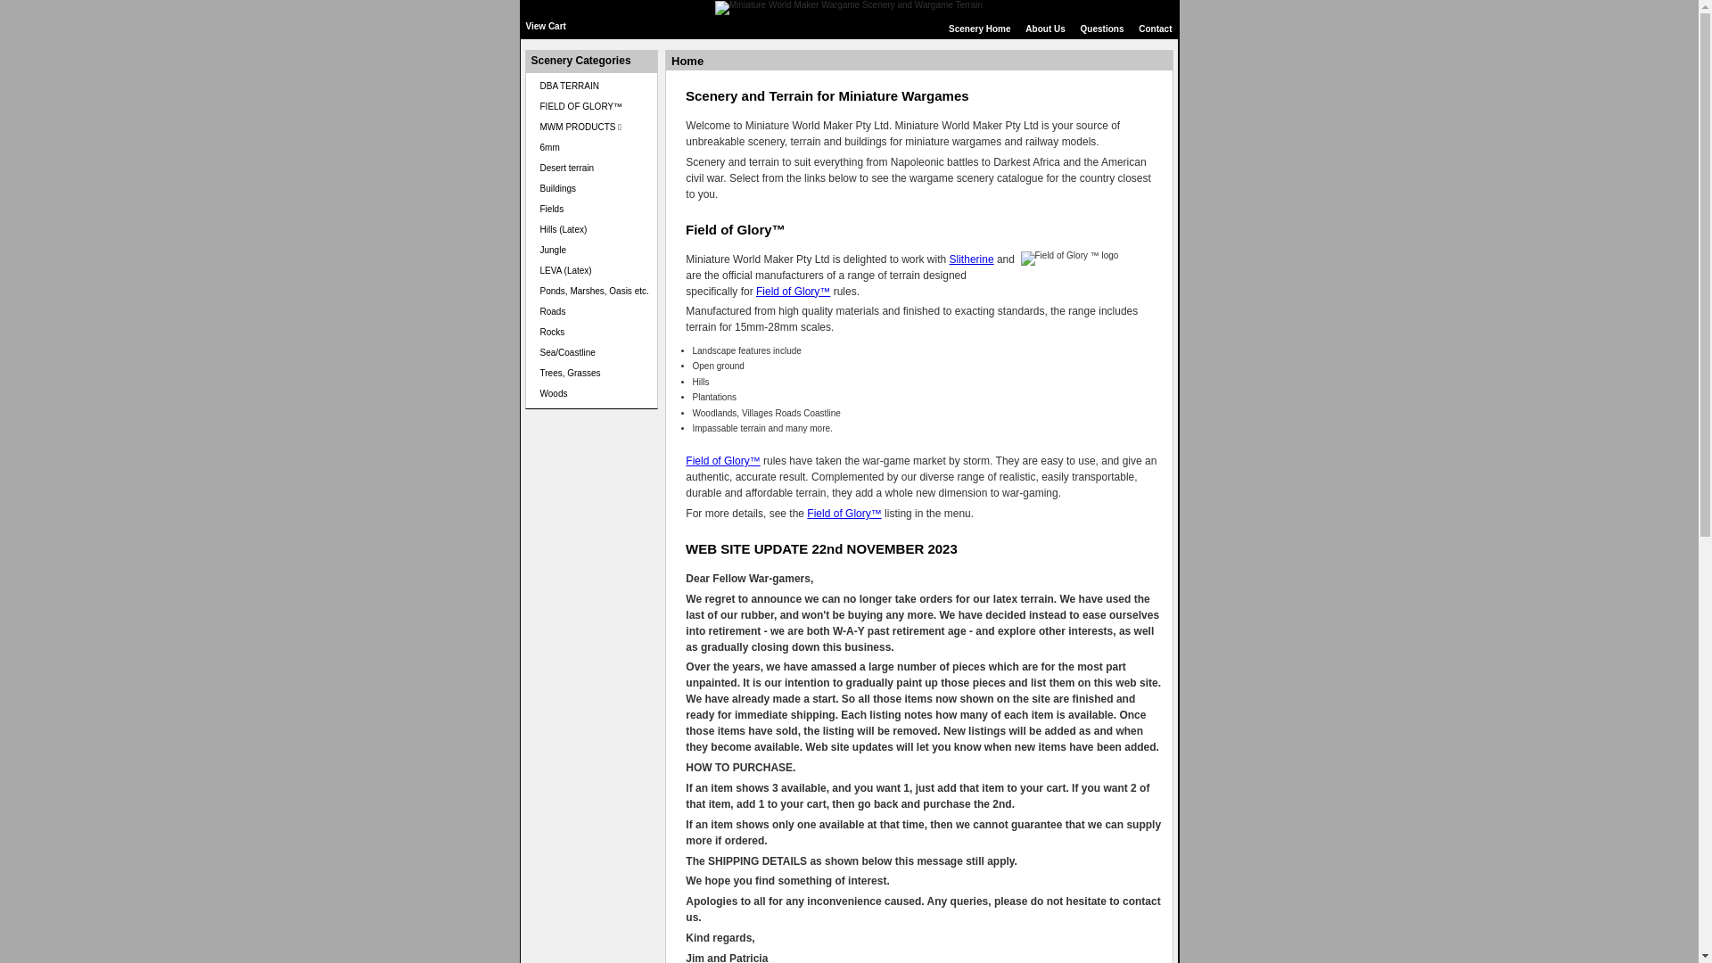  Describe the element at coordinates (1044, 29) in the screenshot. I see `'About Us'` at that location.